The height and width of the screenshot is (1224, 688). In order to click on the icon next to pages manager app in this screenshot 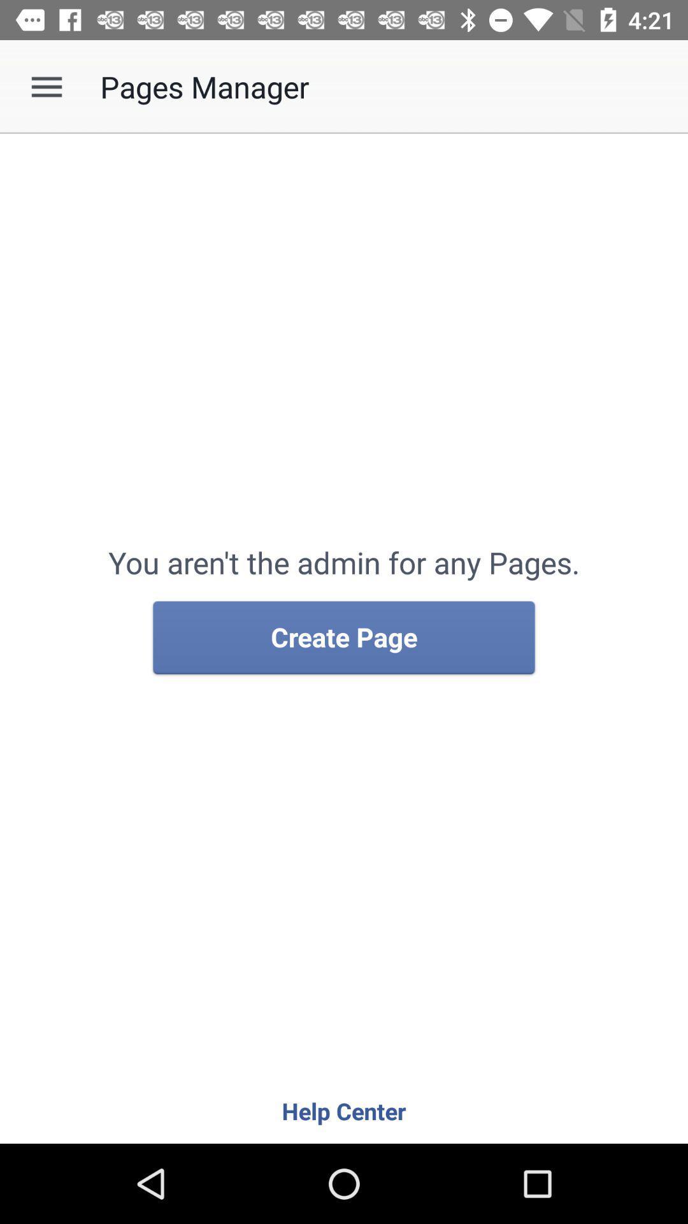, I will do `click(46, 86)`.